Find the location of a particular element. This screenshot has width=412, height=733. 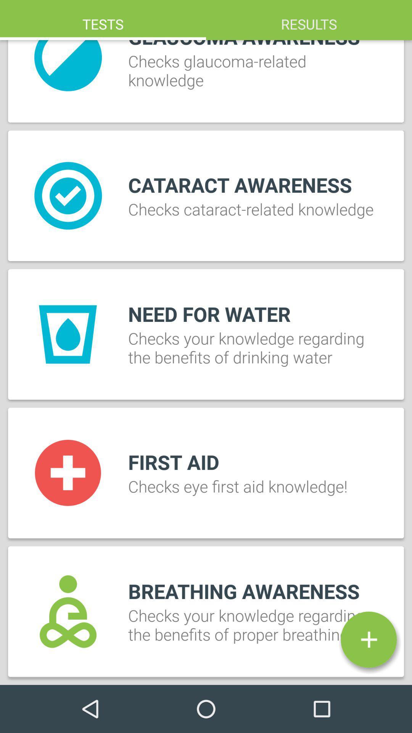

new item is located at coordinates (368, 639).